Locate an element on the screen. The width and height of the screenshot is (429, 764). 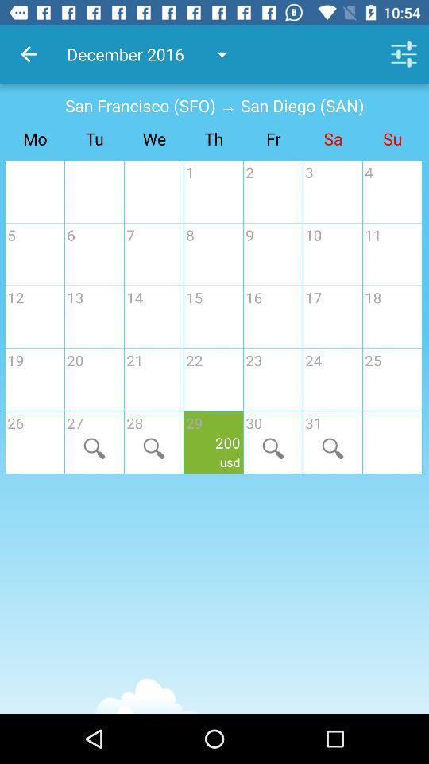
icon next to the december 2016 item is located at coordinates (29, 54).